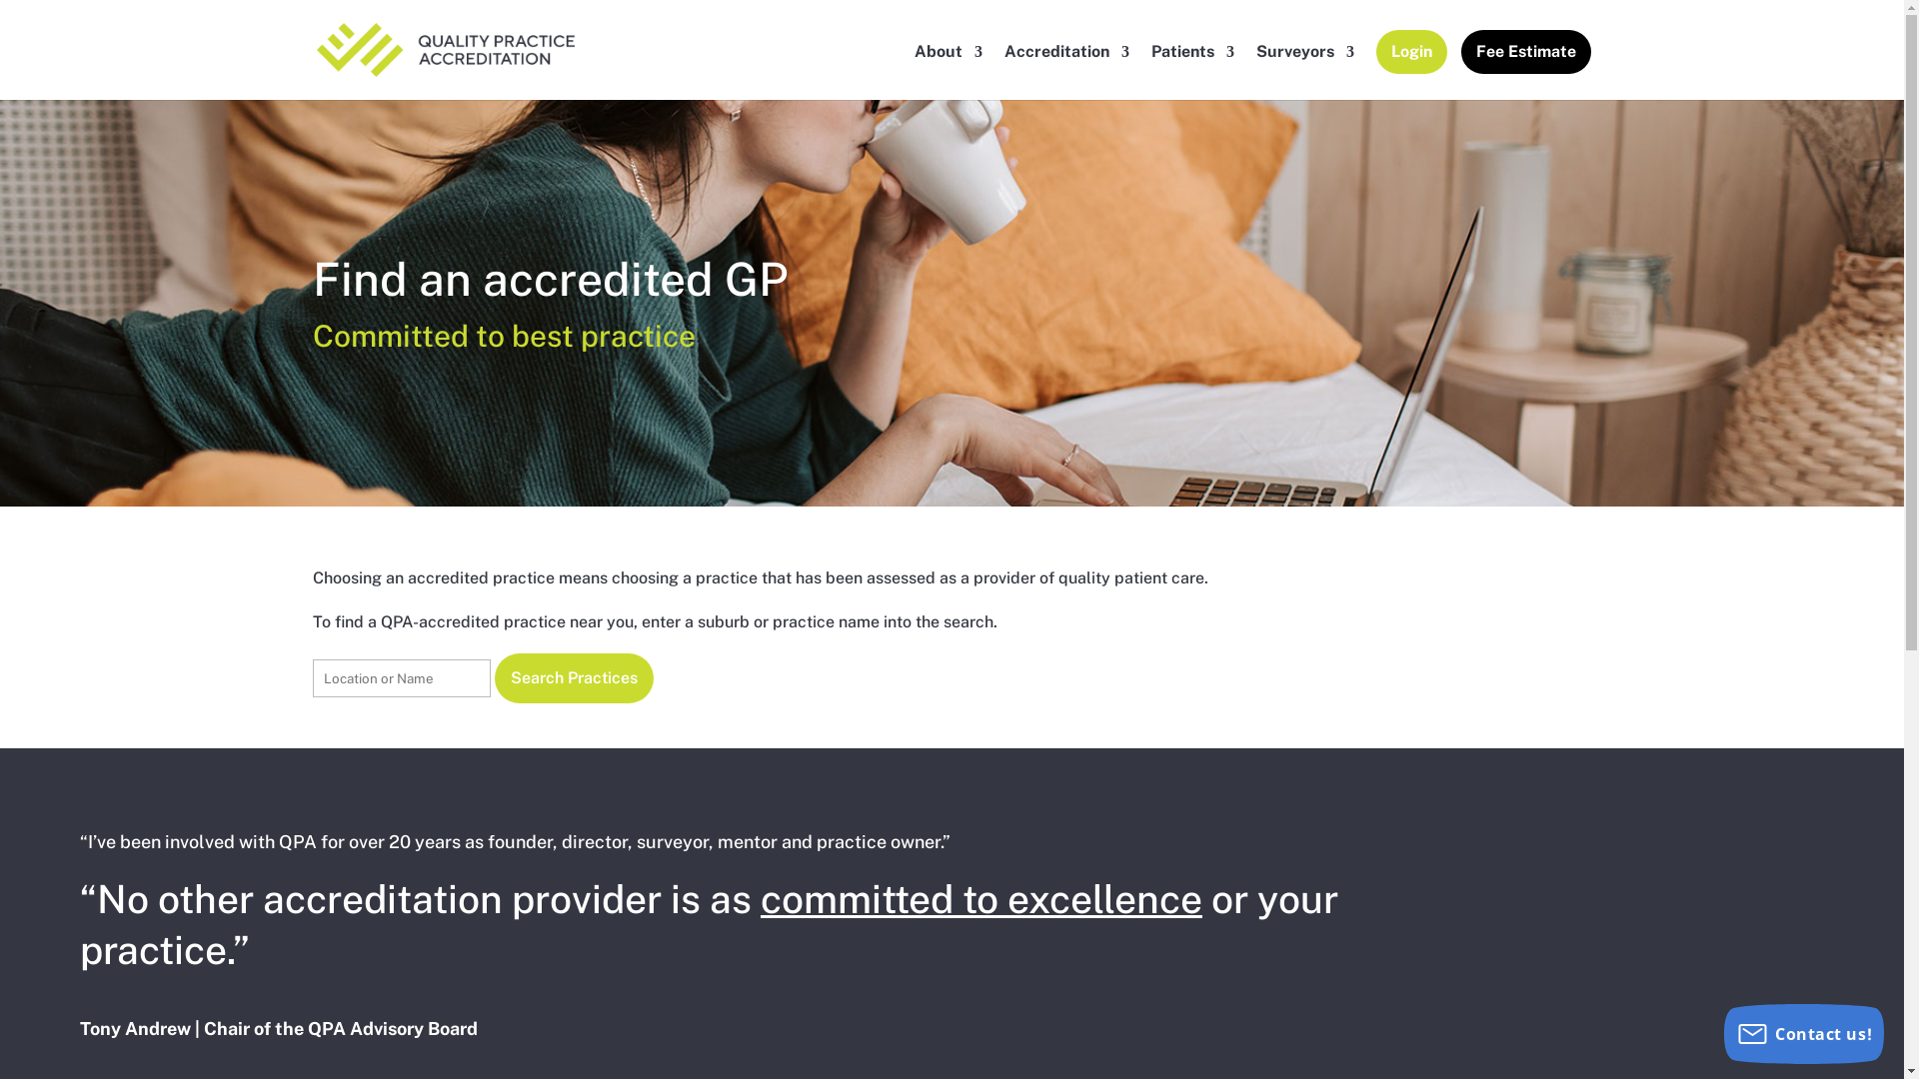  Describe the element at coordinates (1410, 68) in the screenshot. I see `'Login'` at that location.